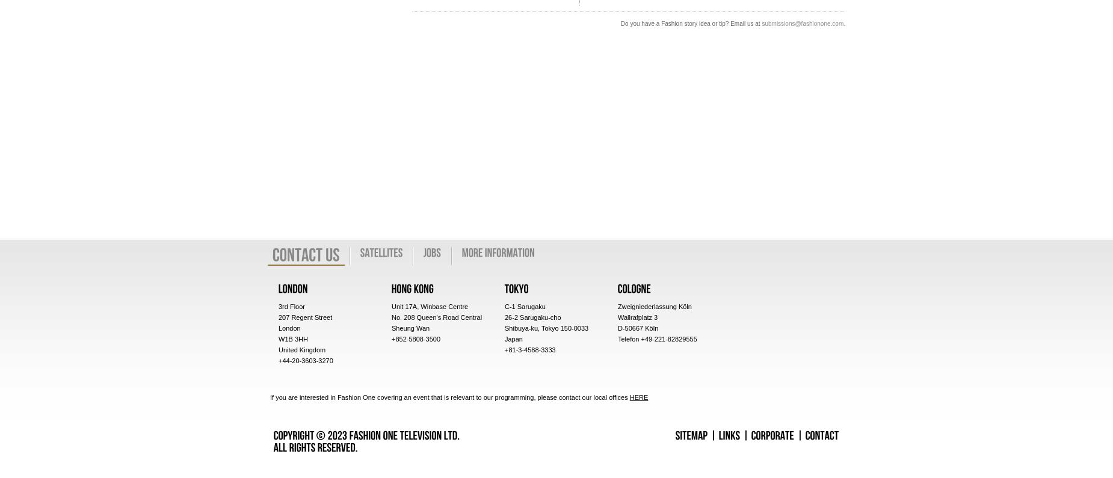 The height and width of the screenshot is (478, 1113). I want to click on 'Wallrafplatz 3', so click(637, 316).